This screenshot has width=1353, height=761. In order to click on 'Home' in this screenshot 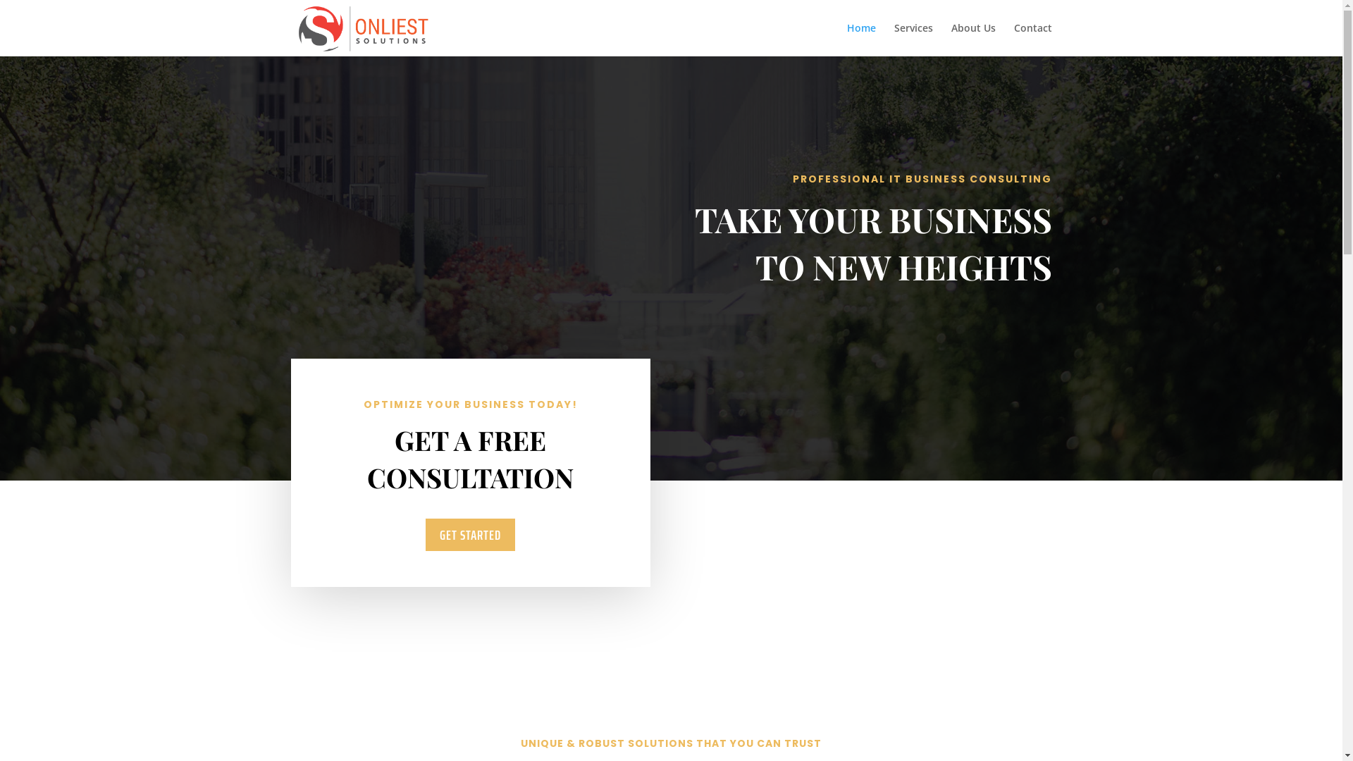, I will do `click(846, 39)`.